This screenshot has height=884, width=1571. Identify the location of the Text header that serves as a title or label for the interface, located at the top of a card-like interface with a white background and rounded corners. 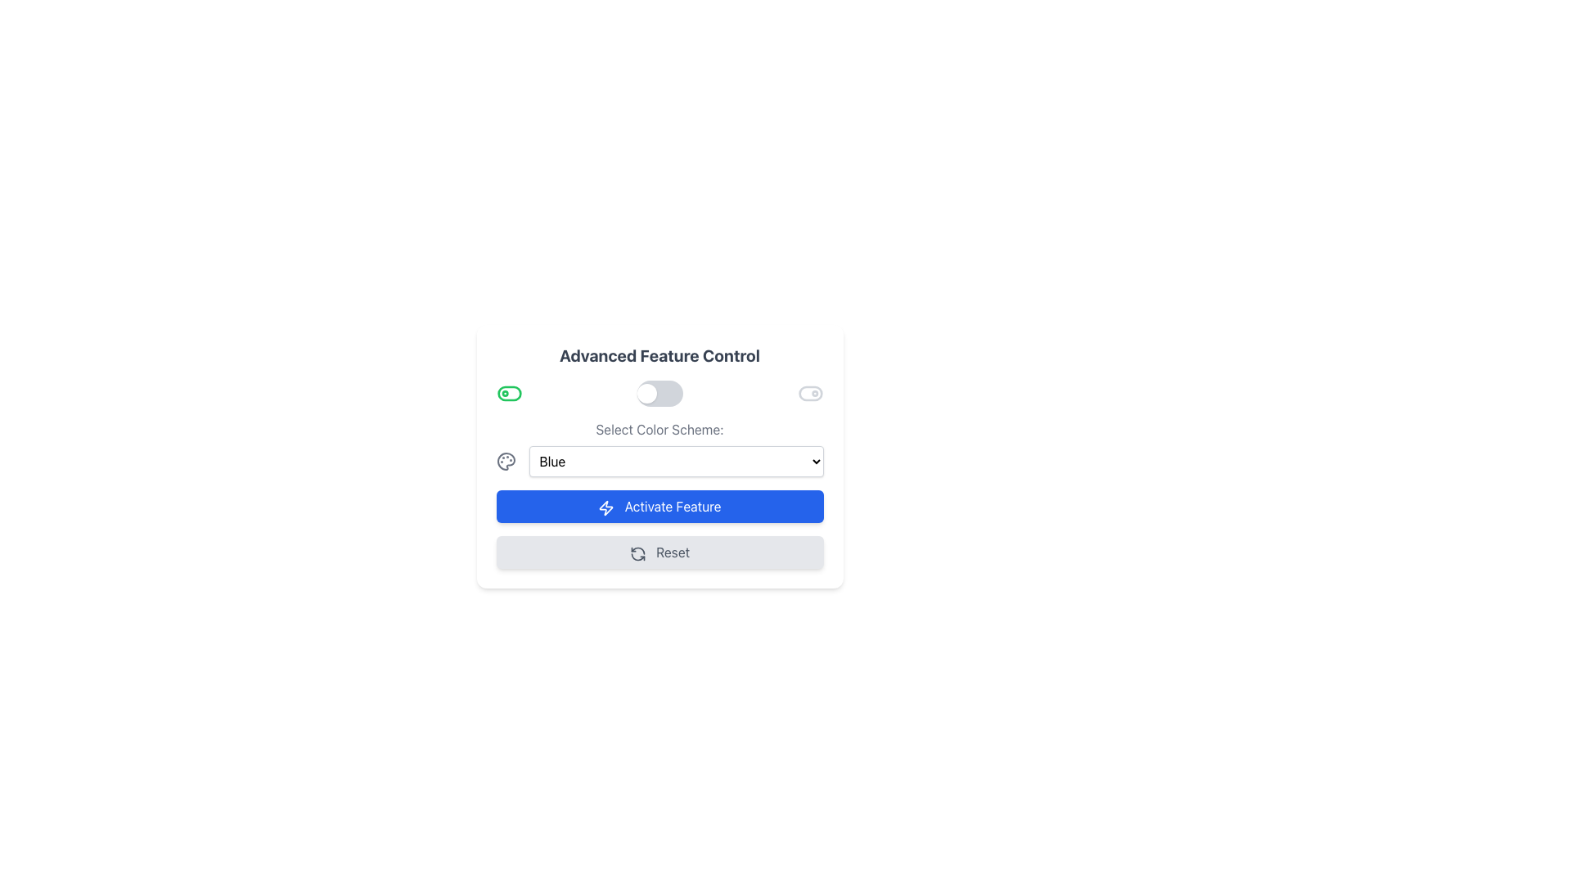
(659, 355).